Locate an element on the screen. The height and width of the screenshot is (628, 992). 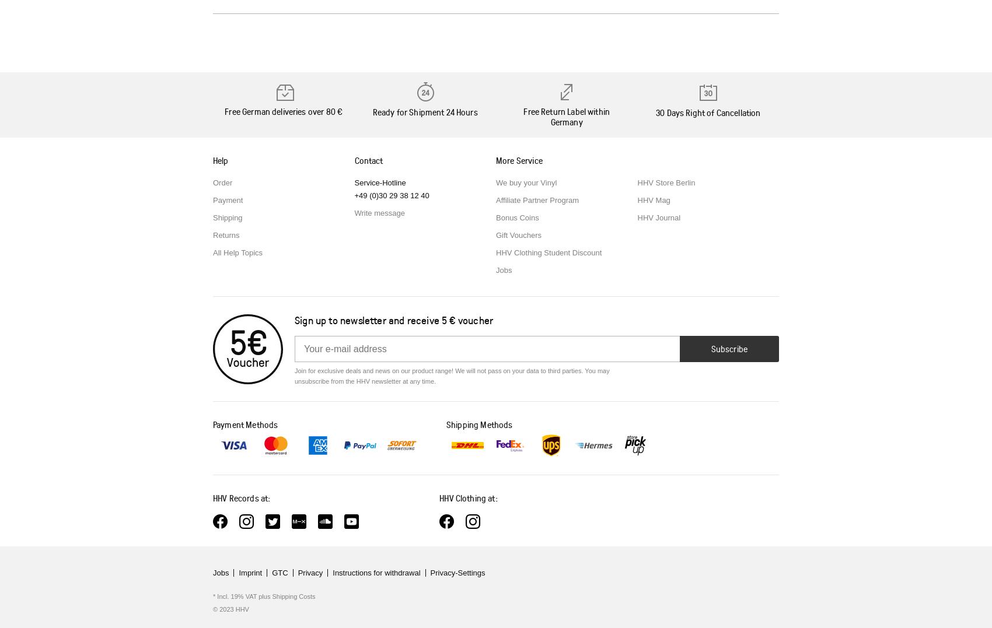
'© 2023 HHV' is located at coordinates (230, 609).